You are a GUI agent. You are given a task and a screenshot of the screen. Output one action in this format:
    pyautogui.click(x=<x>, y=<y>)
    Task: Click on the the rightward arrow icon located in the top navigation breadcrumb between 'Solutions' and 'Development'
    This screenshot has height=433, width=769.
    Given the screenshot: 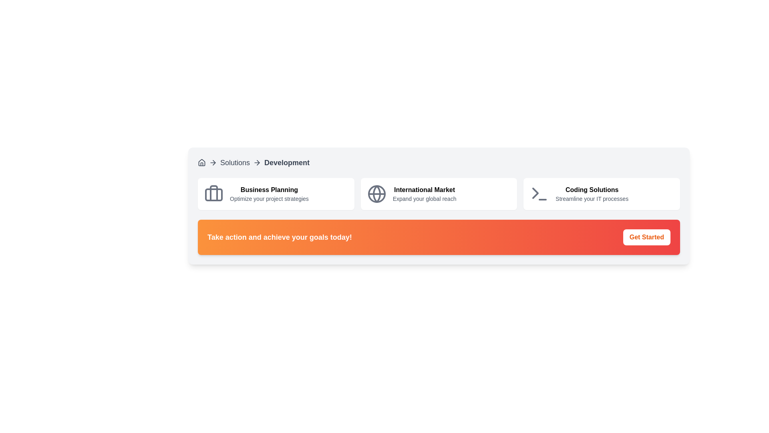 What is the action you would take?
    pyautogui.click(x=257, y=162)
    